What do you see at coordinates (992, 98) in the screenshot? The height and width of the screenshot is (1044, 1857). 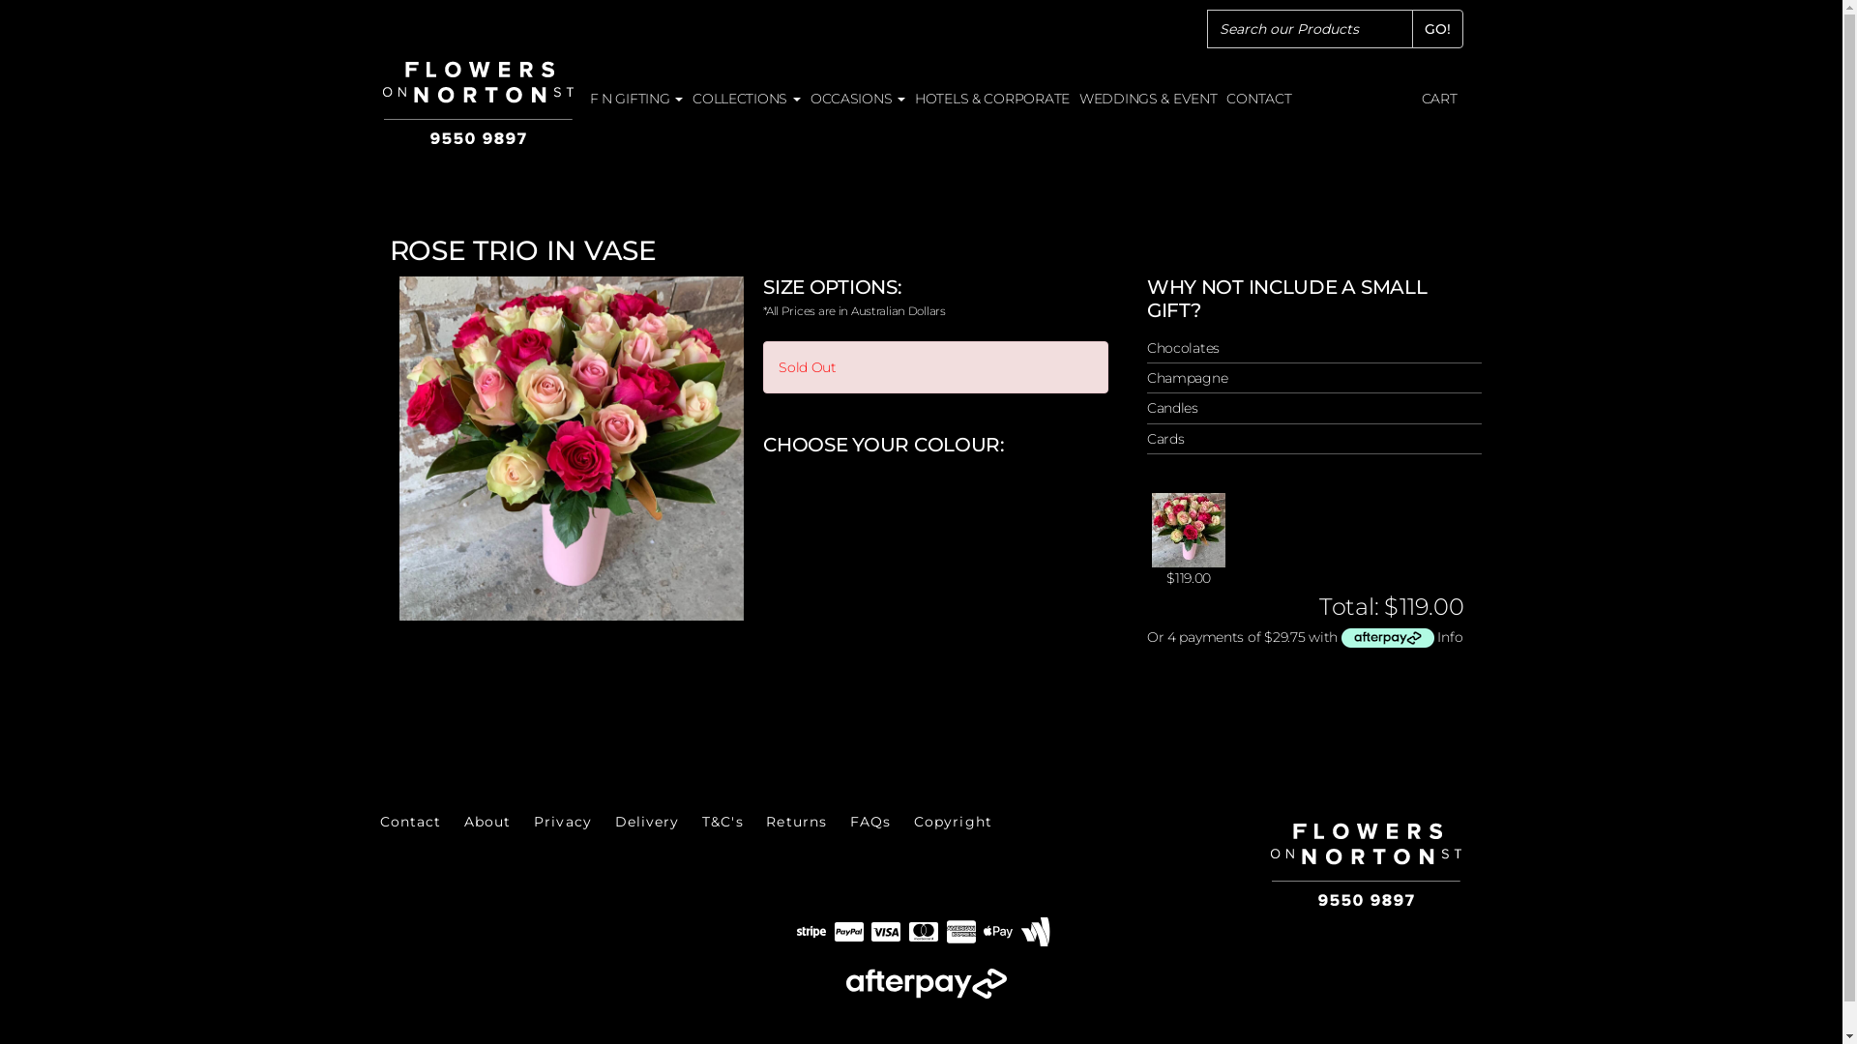 I see `'HOTELS & CORPORATE'` at bounding box center [992, 98].